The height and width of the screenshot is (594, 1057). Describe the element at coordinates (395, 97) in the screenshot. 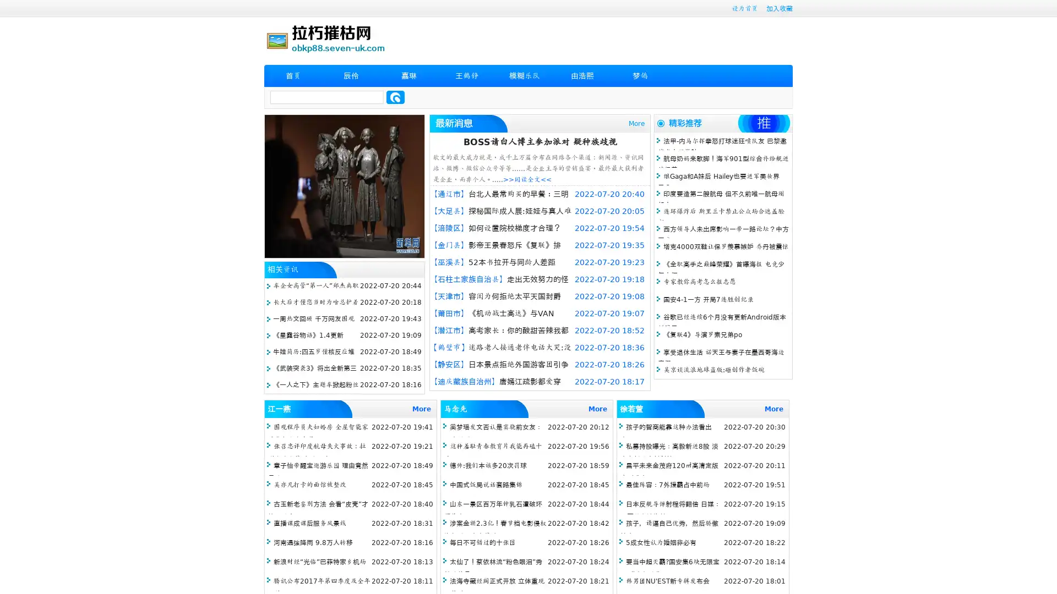

I see `Search` at that location.